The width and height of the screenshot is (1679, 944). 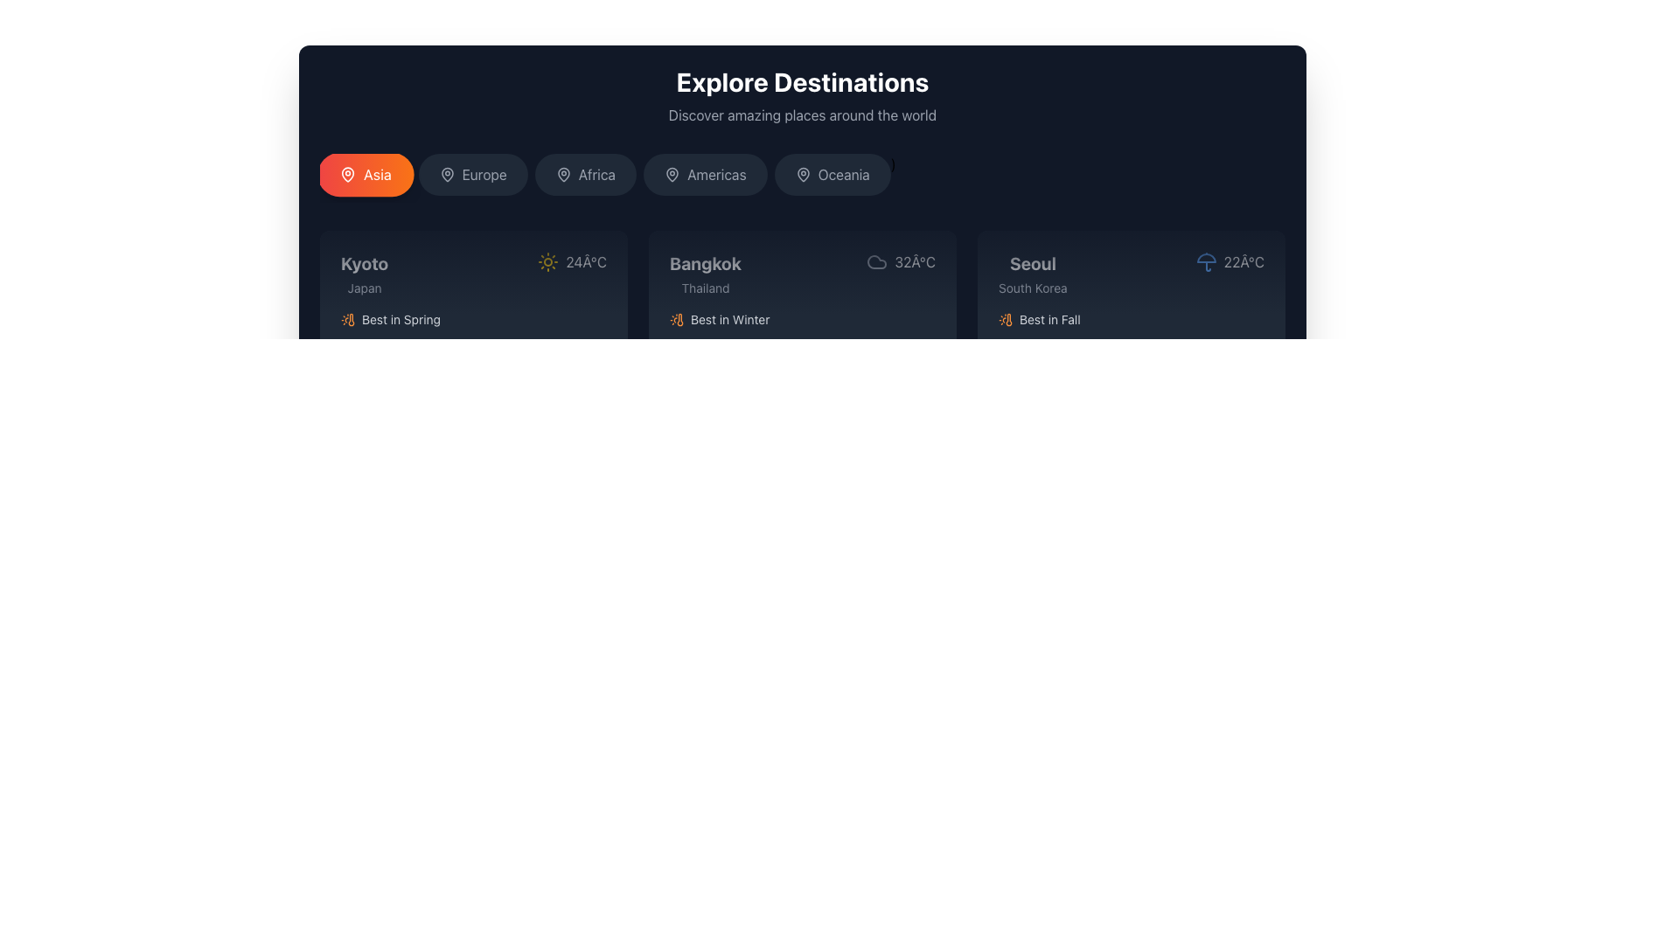 What do you see at coordinates (348, 320) in the screenshot?
I see `the orange-colored thermometer icon with a sun depiction located under the 'Kyoto, Japan' card in the 'Best in Spring' section of the 'Explore Destinations' interface` at bounding box center [348, 320].